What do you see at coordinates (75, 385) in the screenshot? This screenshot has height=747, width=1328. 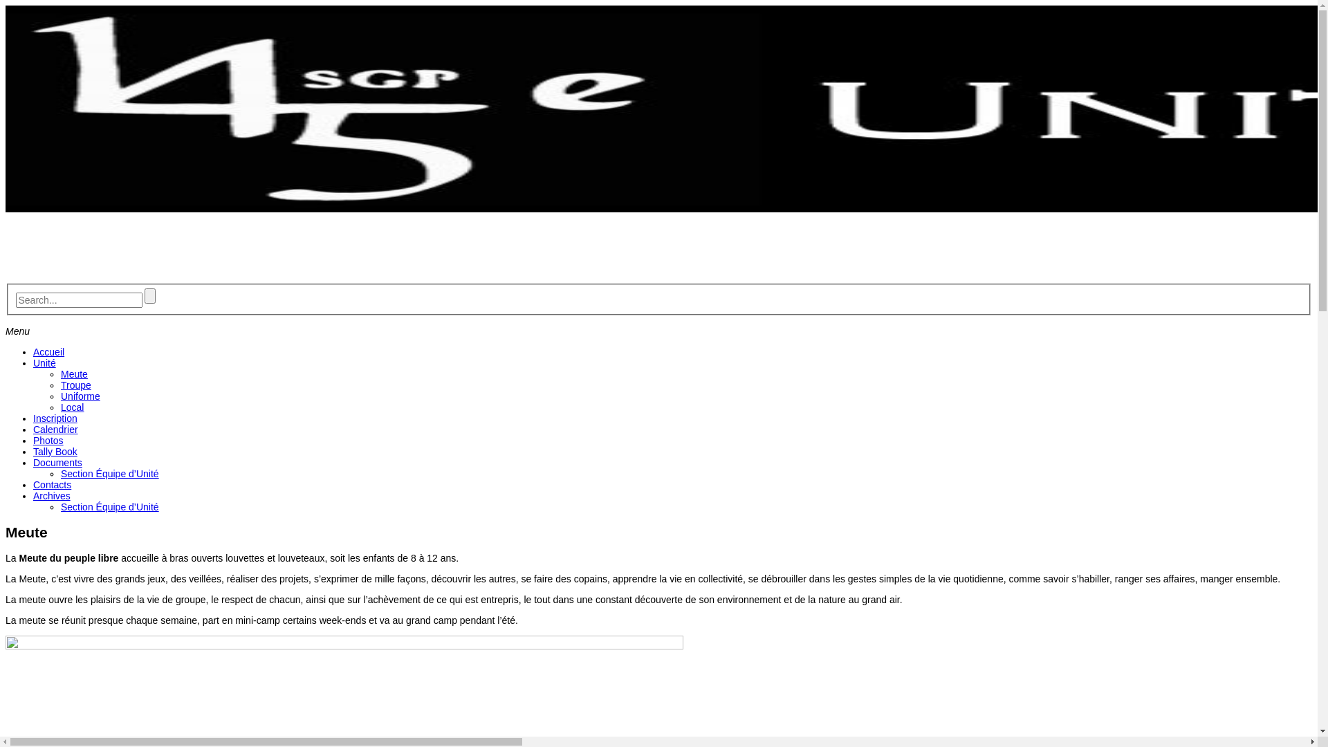 I see `'Troupe'` at bounding box center [75, 385].